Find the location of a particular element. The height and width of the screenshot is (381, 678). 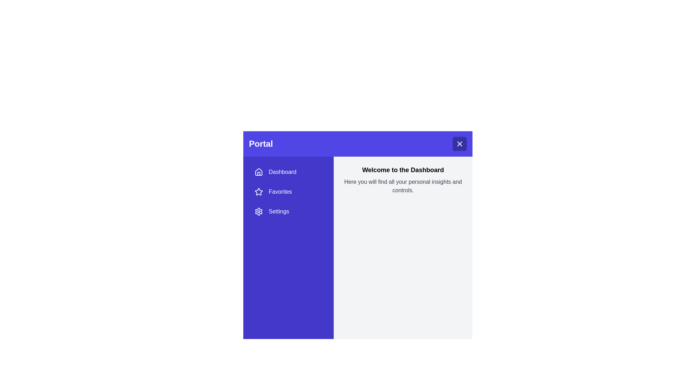

the gear icon associated with the 'Settings' option in the vertical navigation menu is located at coordinates (258, 211).